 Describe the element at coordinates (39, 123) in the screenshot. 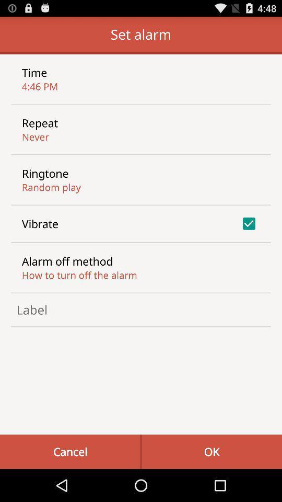

I see `the repeat` at that location.